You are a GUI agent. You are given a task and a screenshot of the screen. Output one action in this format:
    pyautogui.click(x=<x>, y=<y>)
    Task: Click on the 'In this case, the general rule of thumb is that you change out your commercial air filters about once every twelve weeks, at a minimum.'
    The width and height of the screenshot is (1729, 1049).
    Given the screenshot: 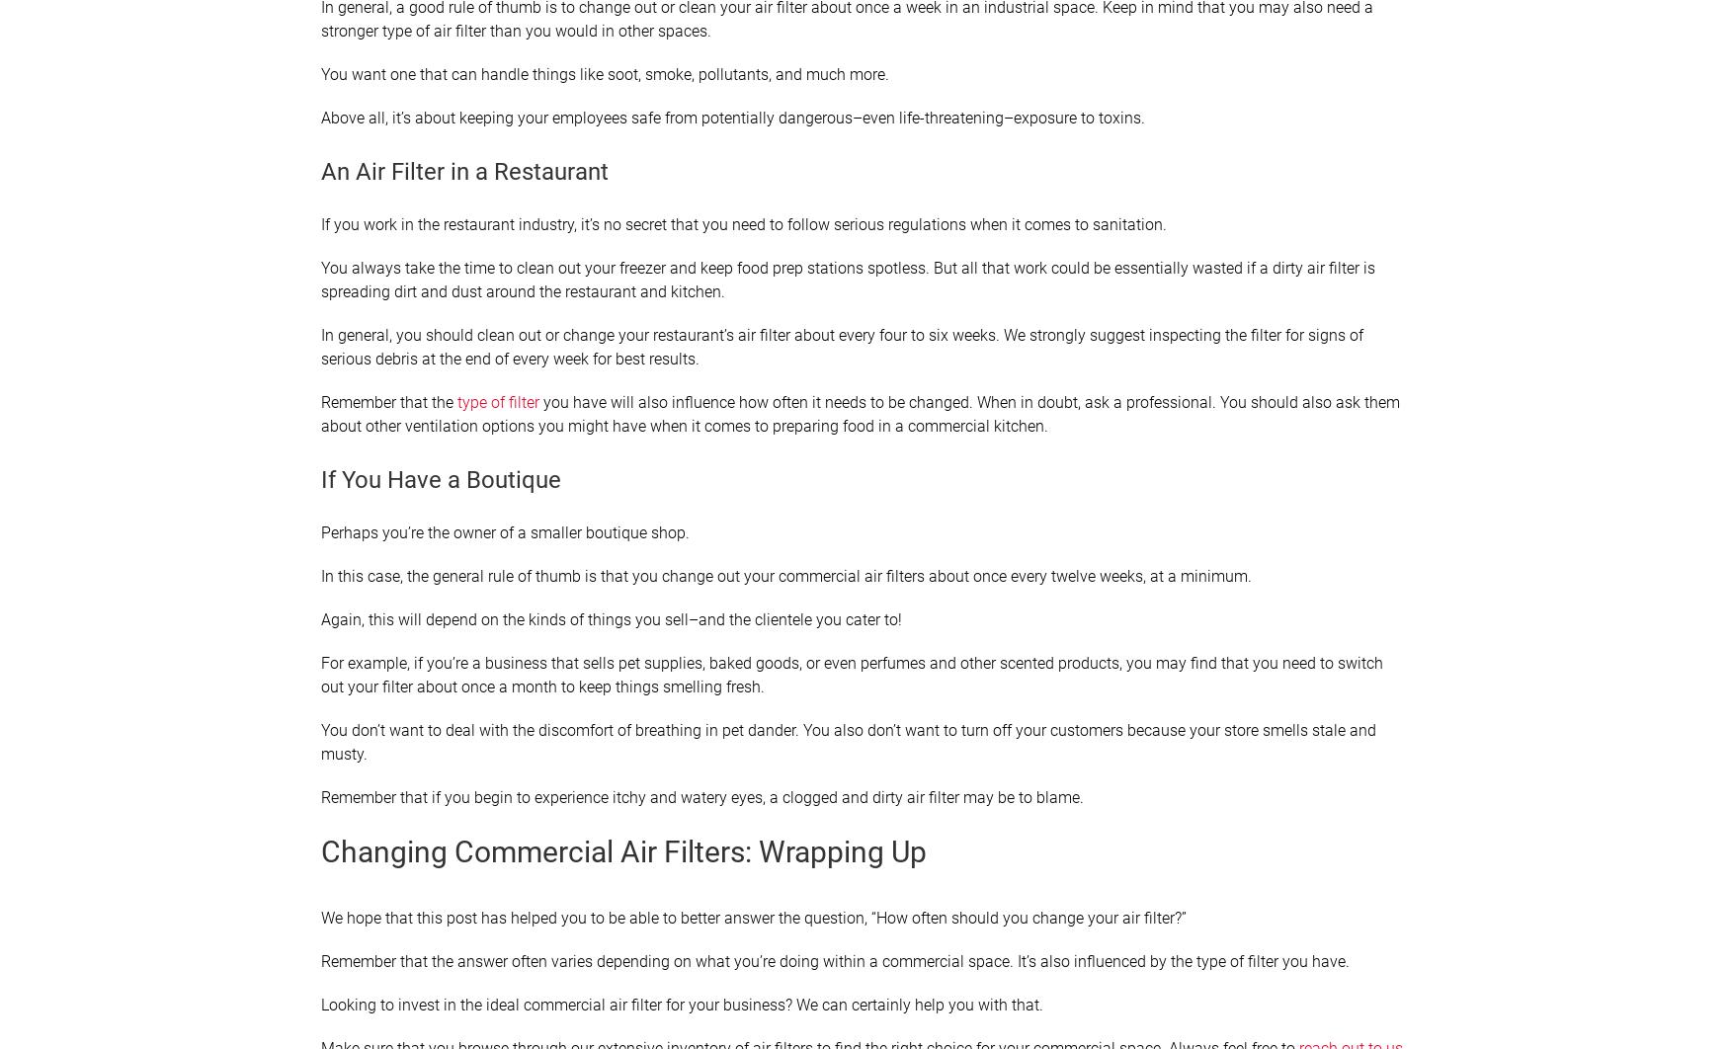 What is the action you would take?
    pyautogui.click(x=785, y=576)
    